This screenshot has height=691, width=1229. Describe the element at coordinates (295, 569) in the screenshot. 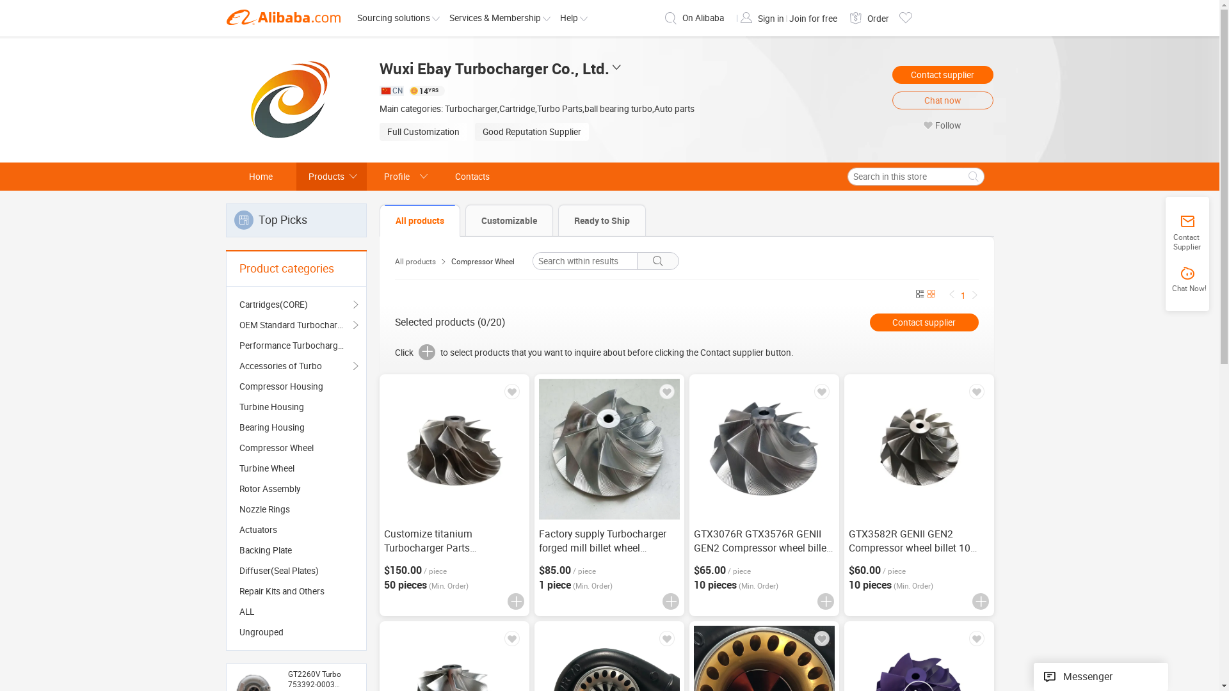

I see `'Diffuser(Seal Plates)'` at that location.